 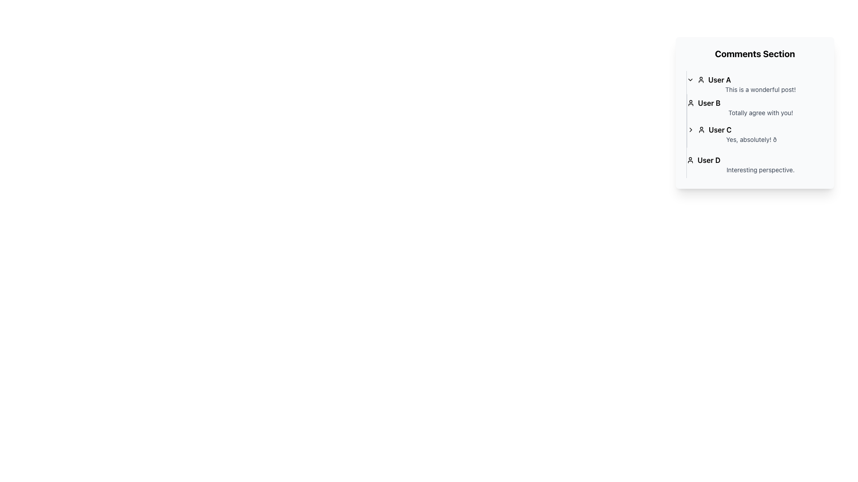 What do you see at coordinates (754, 134) in the screenshot?
I see `the comment section attributed to 'User C', which features a bold username and a gray, smaller font text message, located as the third comment in the list` at bounding box center [754, 134].